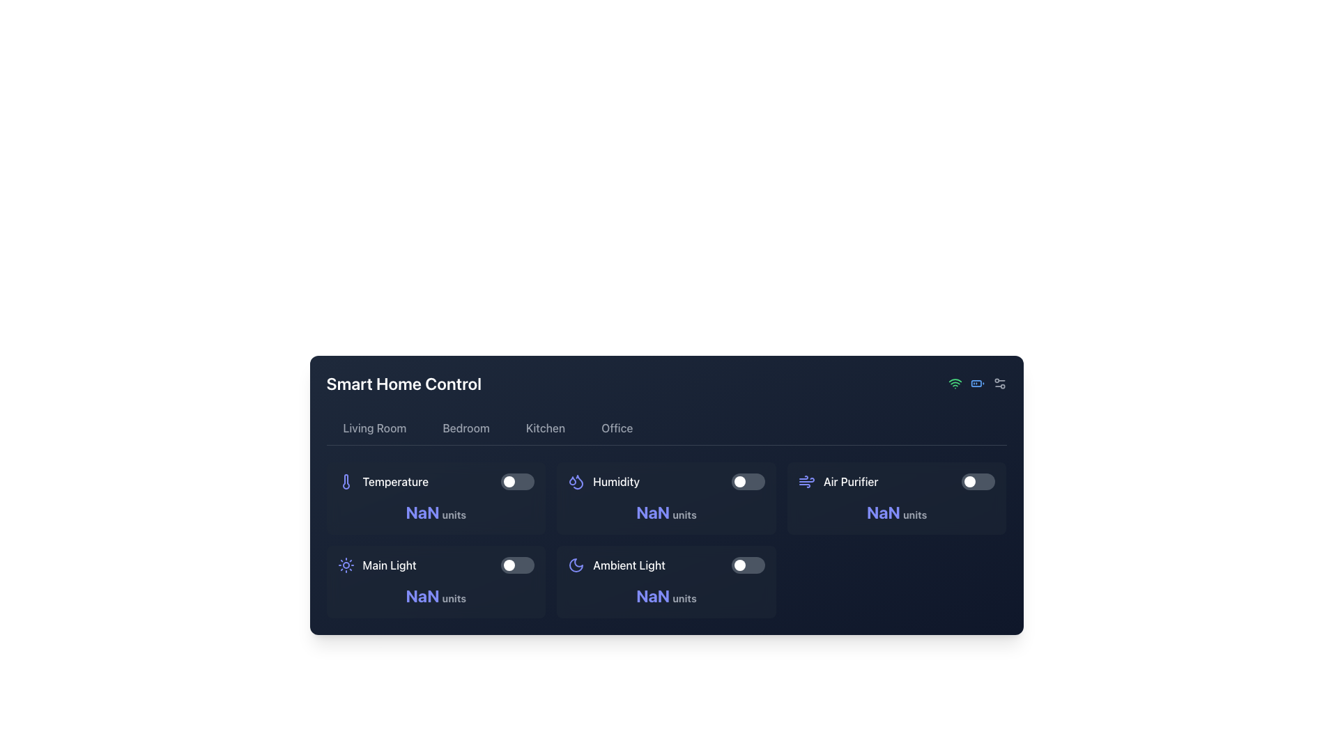  What do you see at coordinates (978, 480) in the screenshot?
I see `the toggle switch for the 'Air Purifier' feature, located in the far right of its section adjacent to the label 'Air Purifier'` at bounding box center [978, 480].